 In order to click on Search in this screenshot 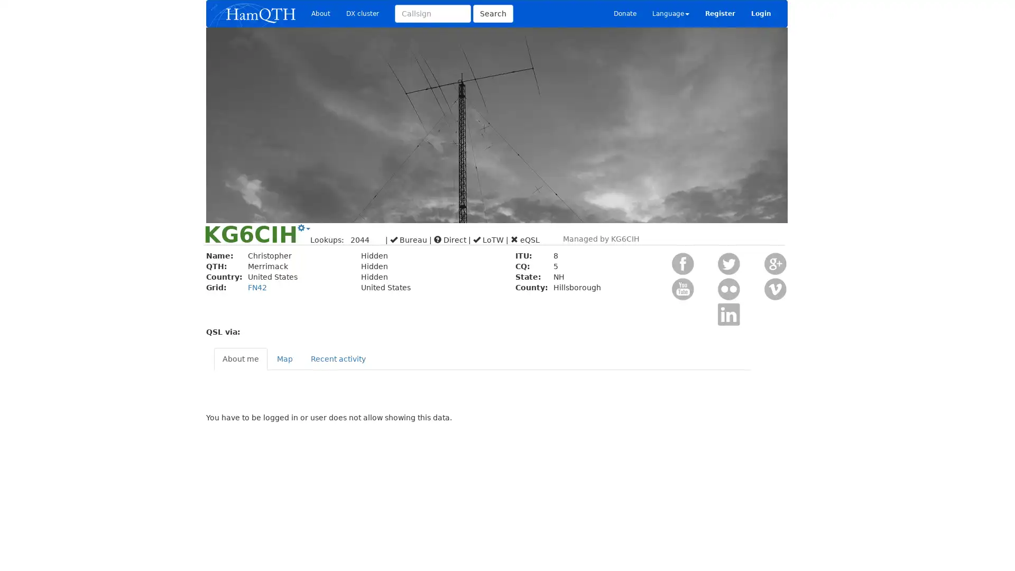, I will do `click(492, 14)`.